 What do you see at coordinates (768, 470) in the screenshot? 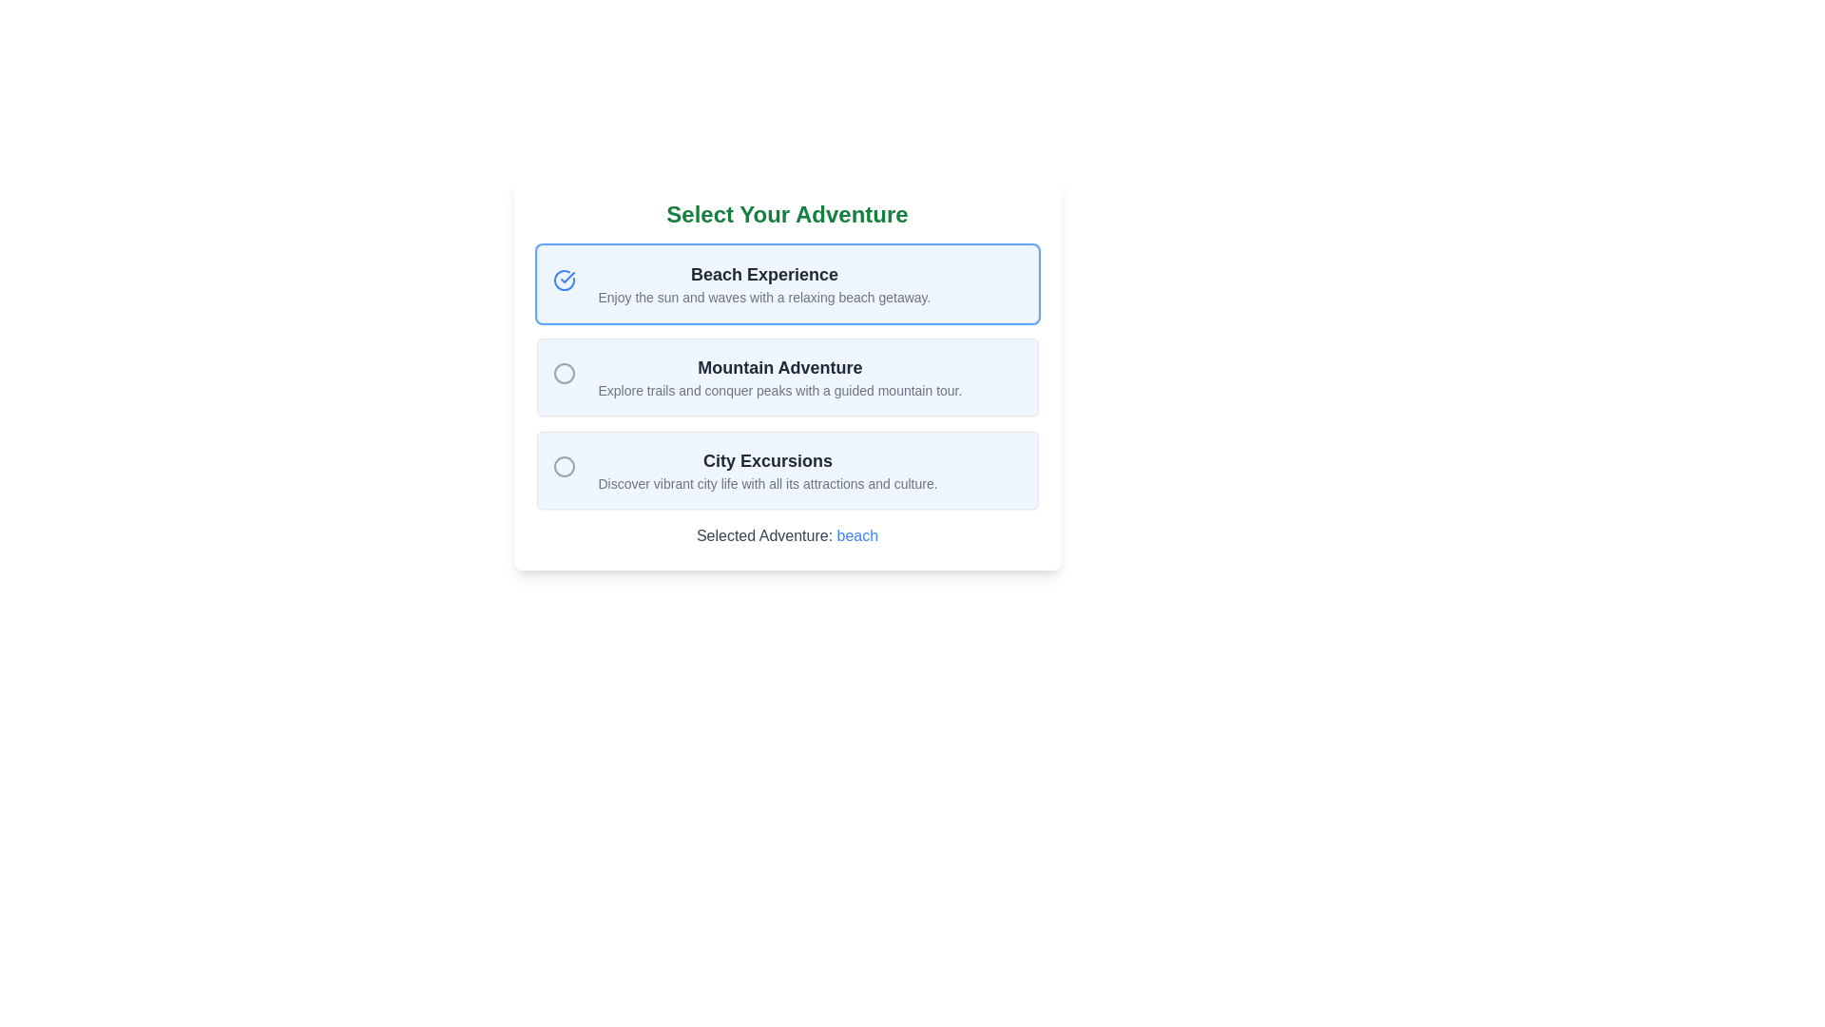
I see `the informational text about 'City Excursions' in the selection menu for activities` at bounding box center [768, 470].